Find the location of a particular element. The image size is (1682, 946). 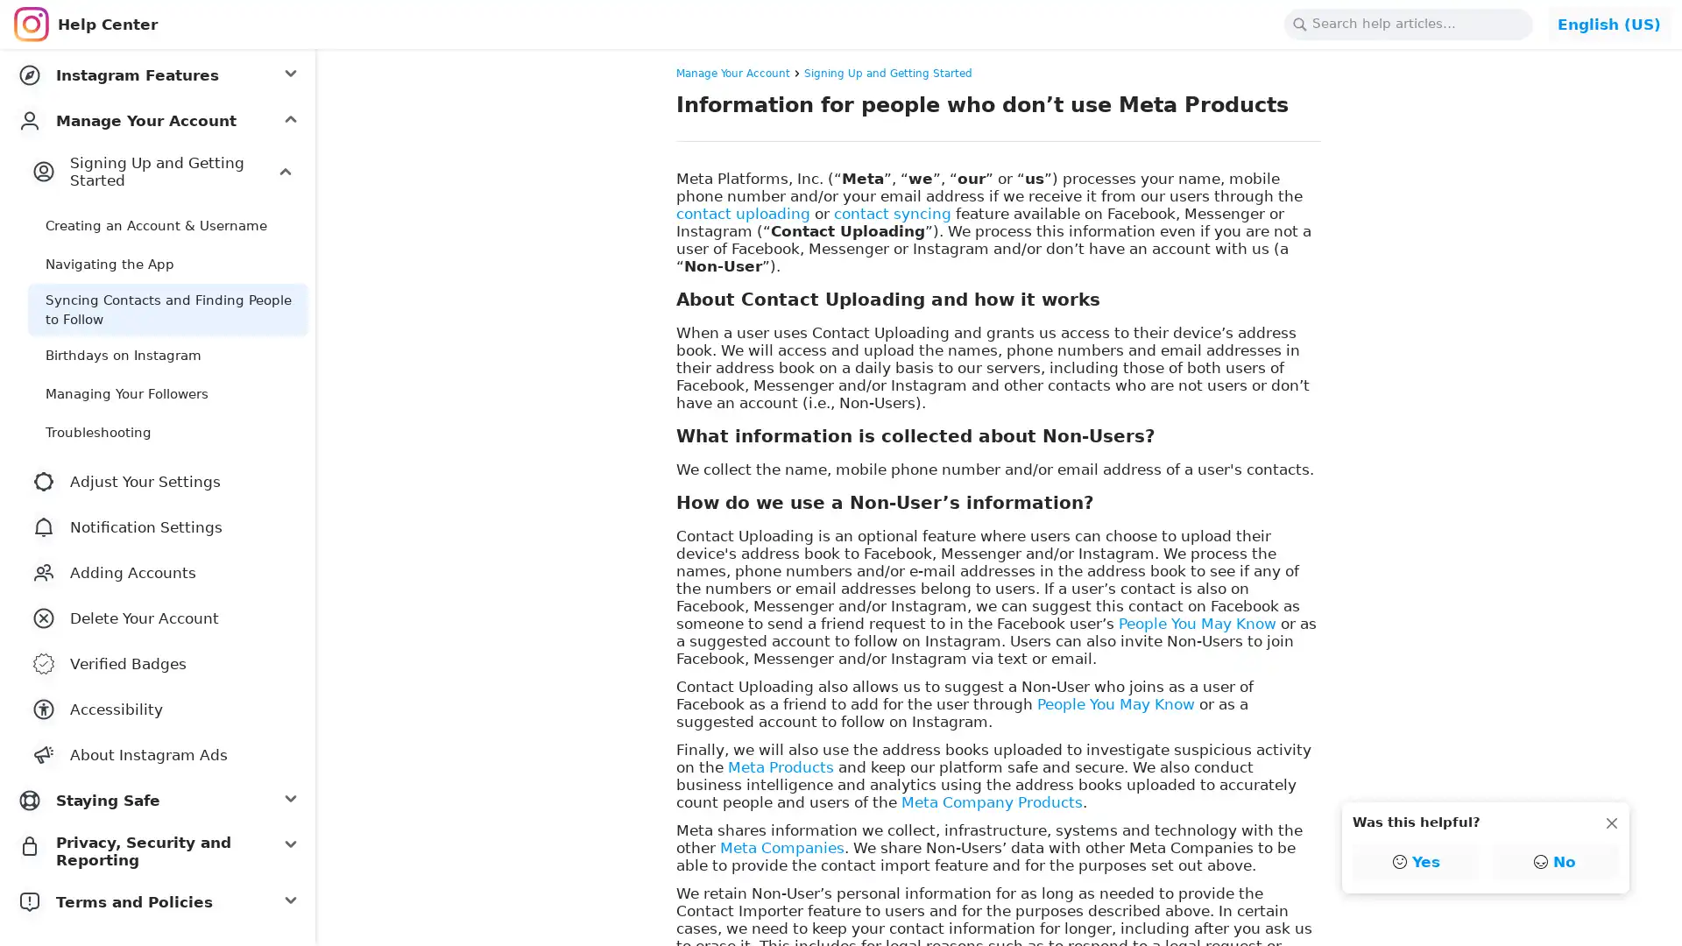

Copy link is located at coordinates (731, 141).